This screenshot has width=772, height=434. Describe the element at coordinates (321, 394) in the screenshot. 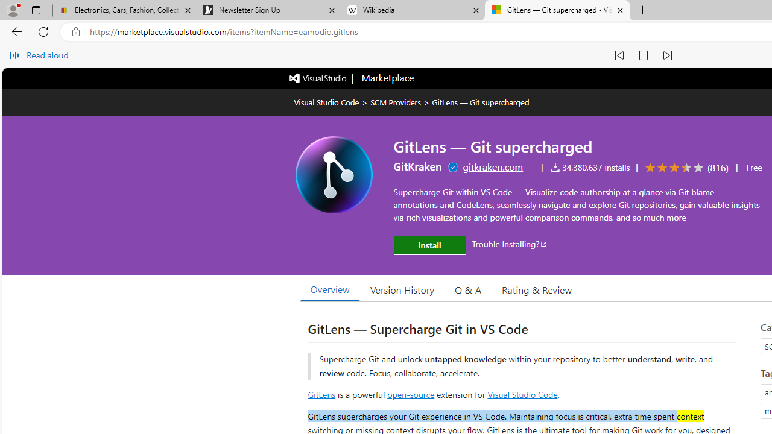

I see `'GitLens'` at that location.